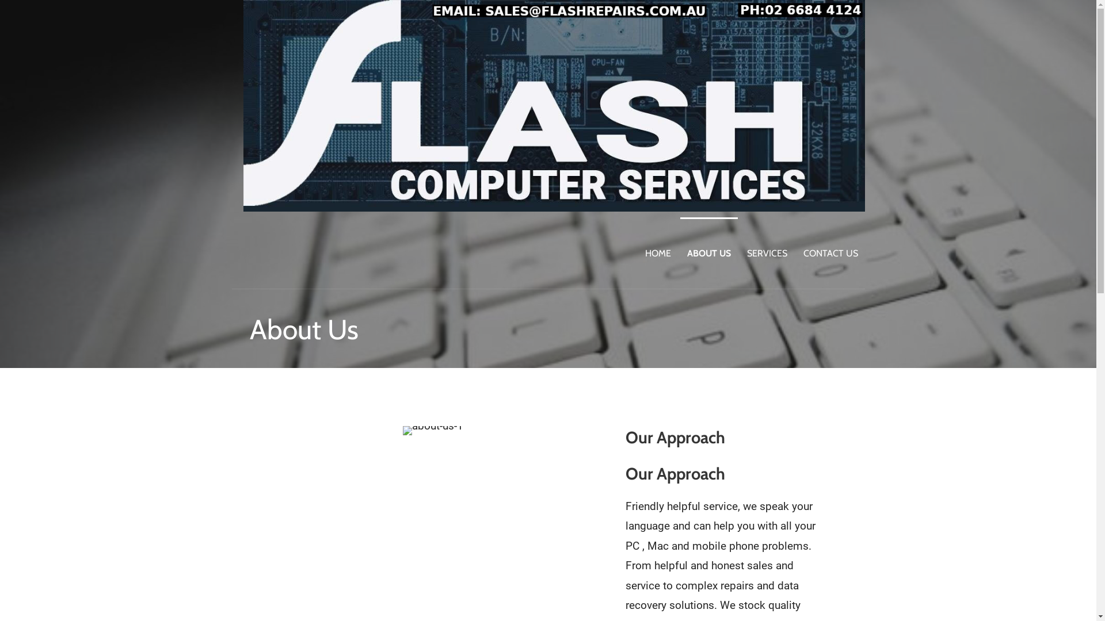 The image size is (1105, 621). Describe the element at coordinates (767, 252) in the screenshot. I see `'SERVICES'` at that location.